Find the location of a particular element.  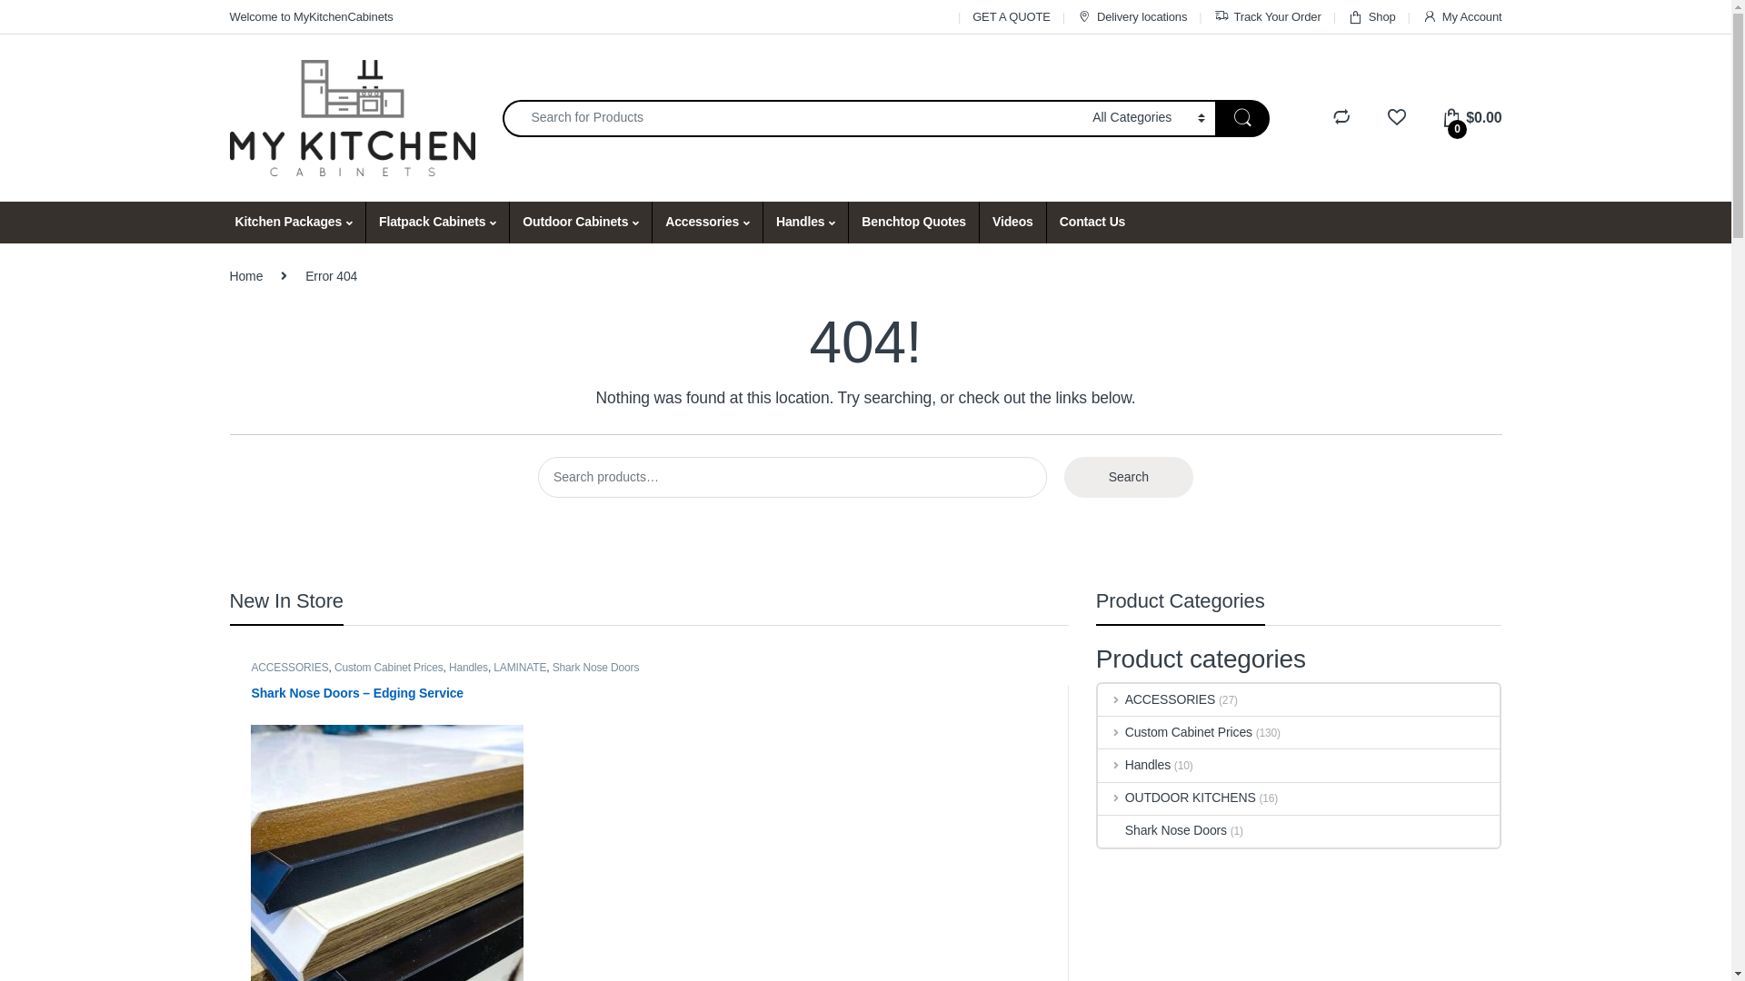

'Handles' is located at coordinates (1097, 765).